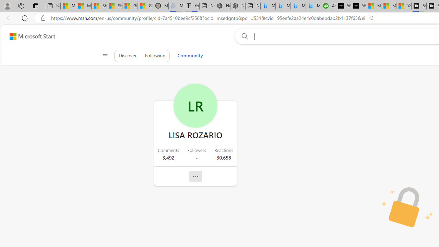  I want to click on 'Skip to content', so click(29, 36).